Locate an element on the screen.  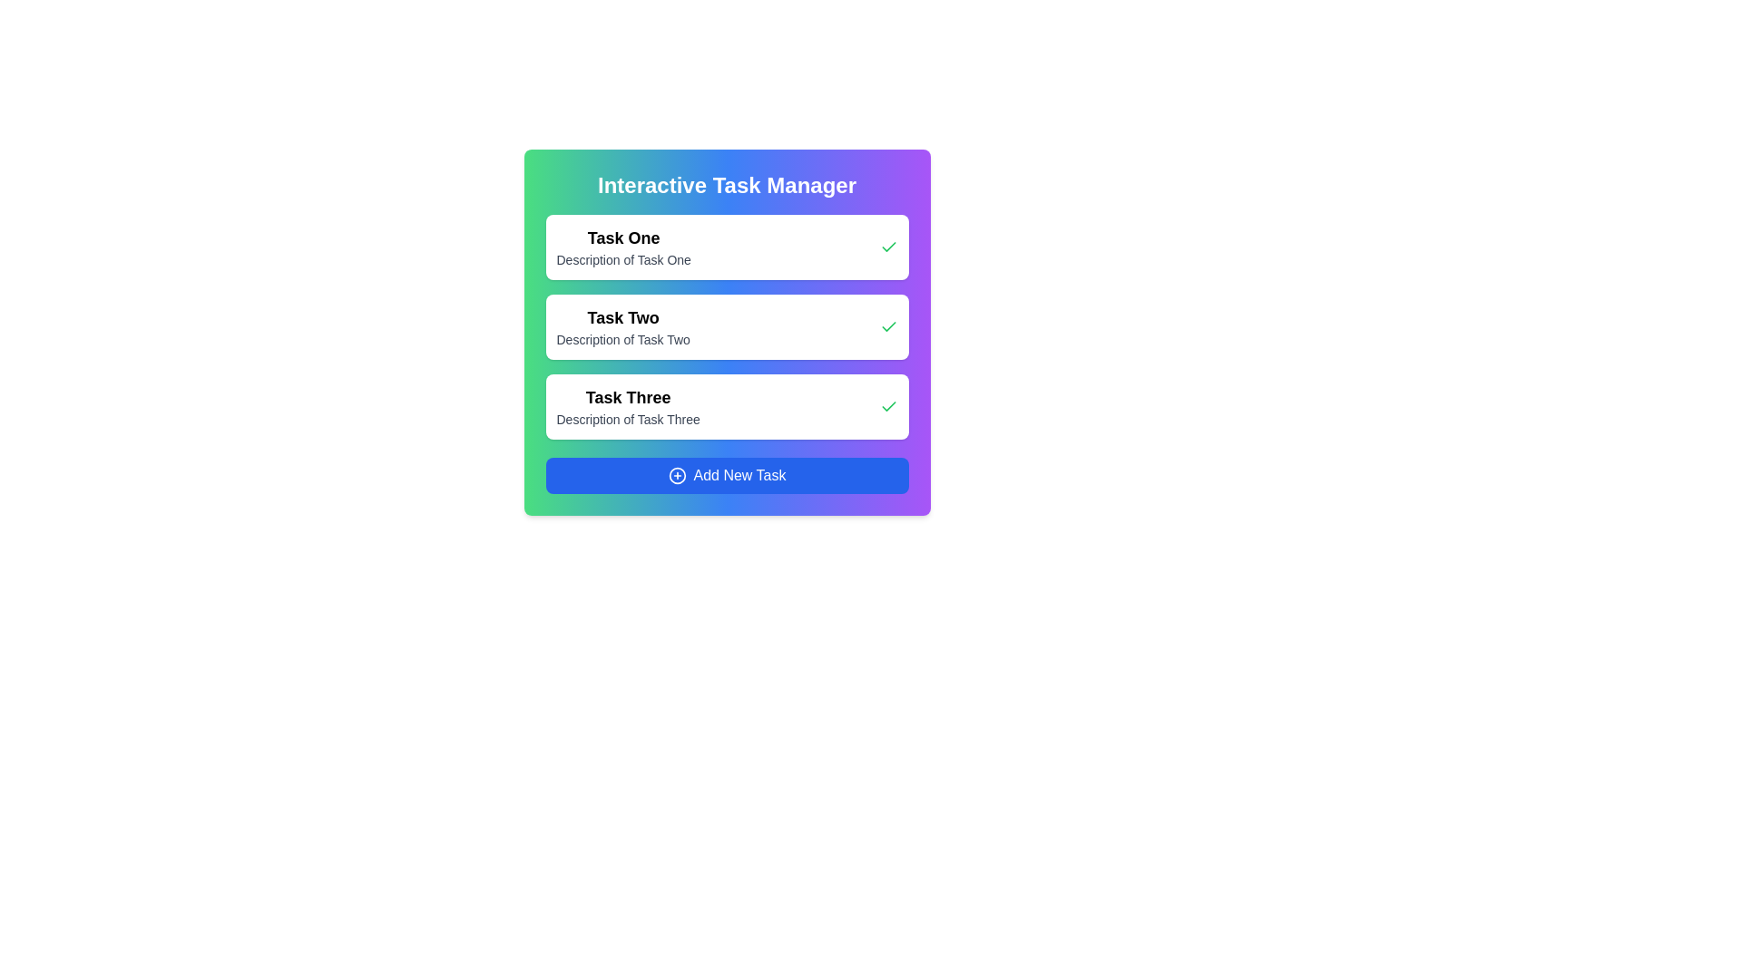
the 'Task Two' text block is located at coordinates (623, 327).